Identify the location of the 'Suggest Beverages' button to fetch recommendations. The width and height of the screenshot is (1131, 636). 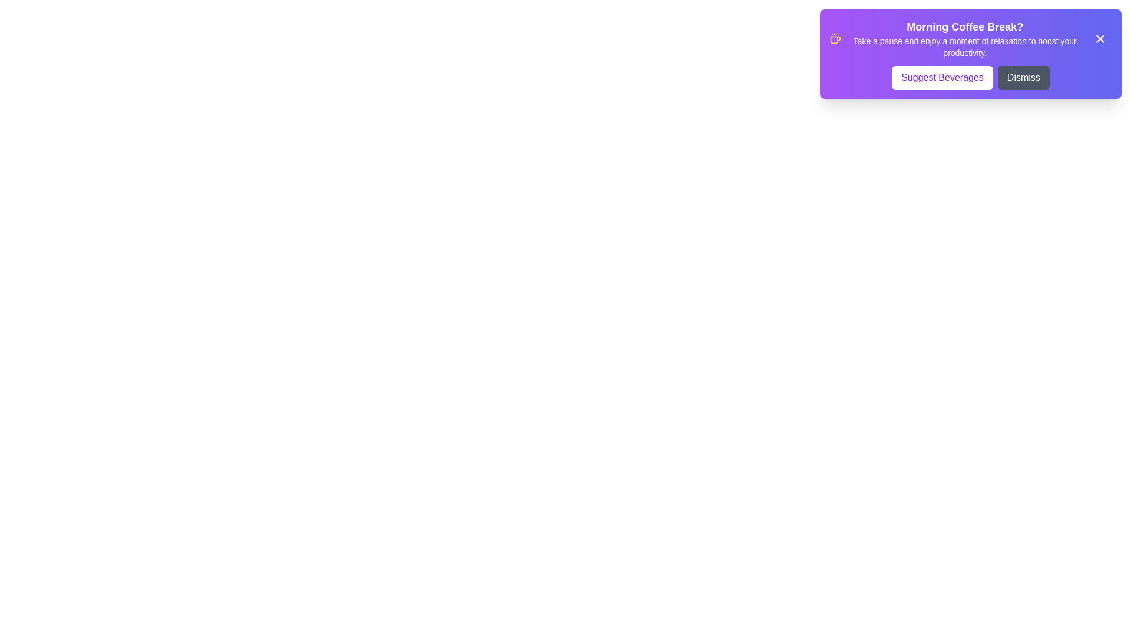
(941, 77).